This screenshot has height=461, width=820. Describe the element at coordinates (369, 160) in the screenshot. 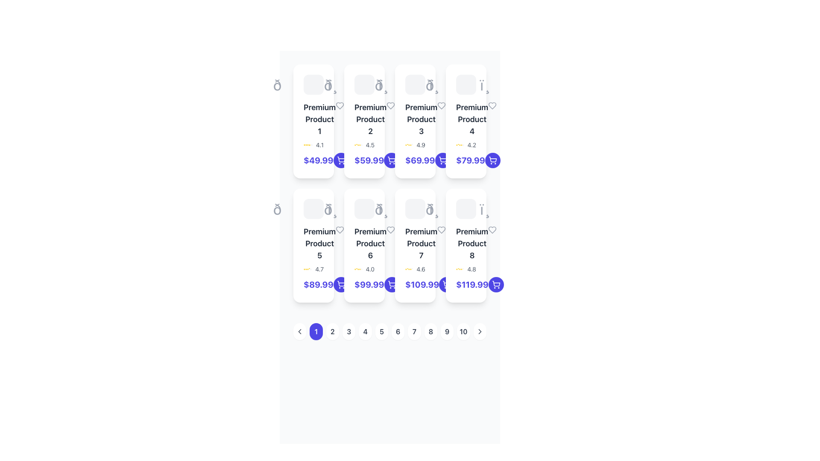

I see `price text '$59.99' displayed in bold, large indigo font within the second product card in the top row of the grid layout` at that location.